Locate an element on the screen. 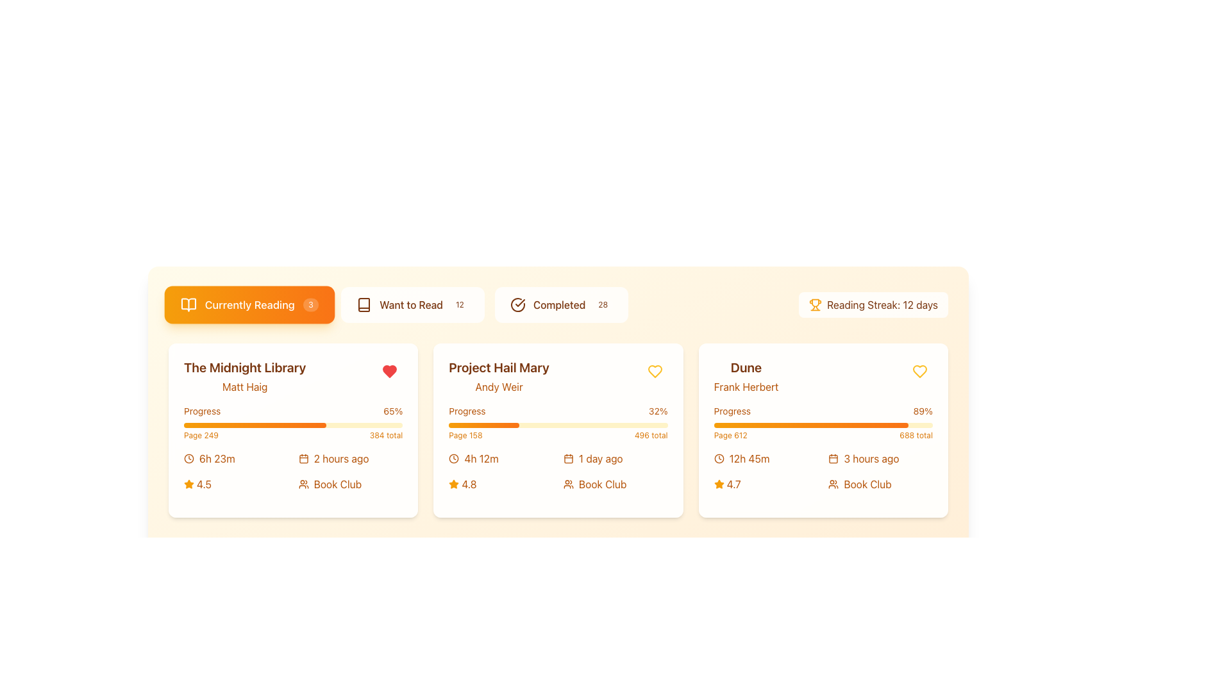 This screenshot has height=692, width=1231. text displayed in the amber colored label that says '2 hours ago', located beside the calendar icon at the bottom of the card for 'The Midnight Library' is located at coordinates (341, 458).